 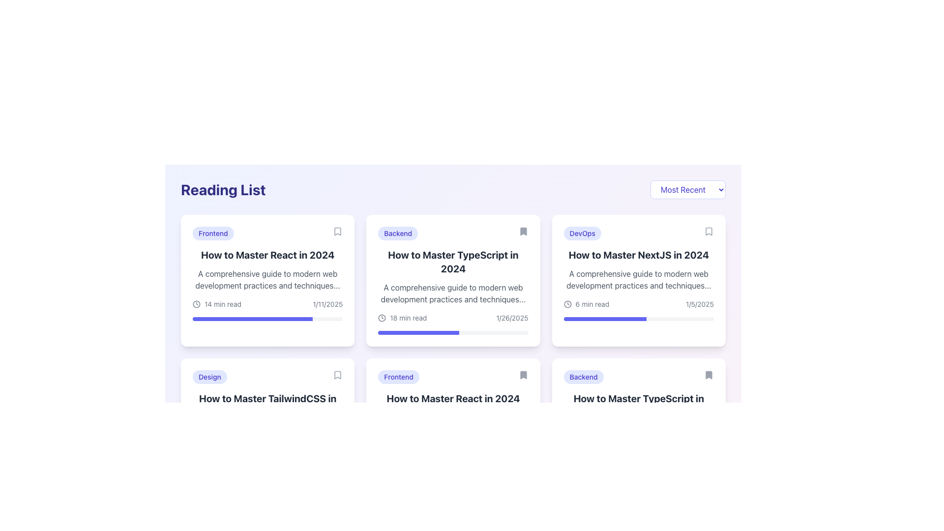 I want to click on the progress indicator located below the card titled 'How to Master React in 2024', which is positioned in the second row, first column of the layout, so click(x=443, y=463).